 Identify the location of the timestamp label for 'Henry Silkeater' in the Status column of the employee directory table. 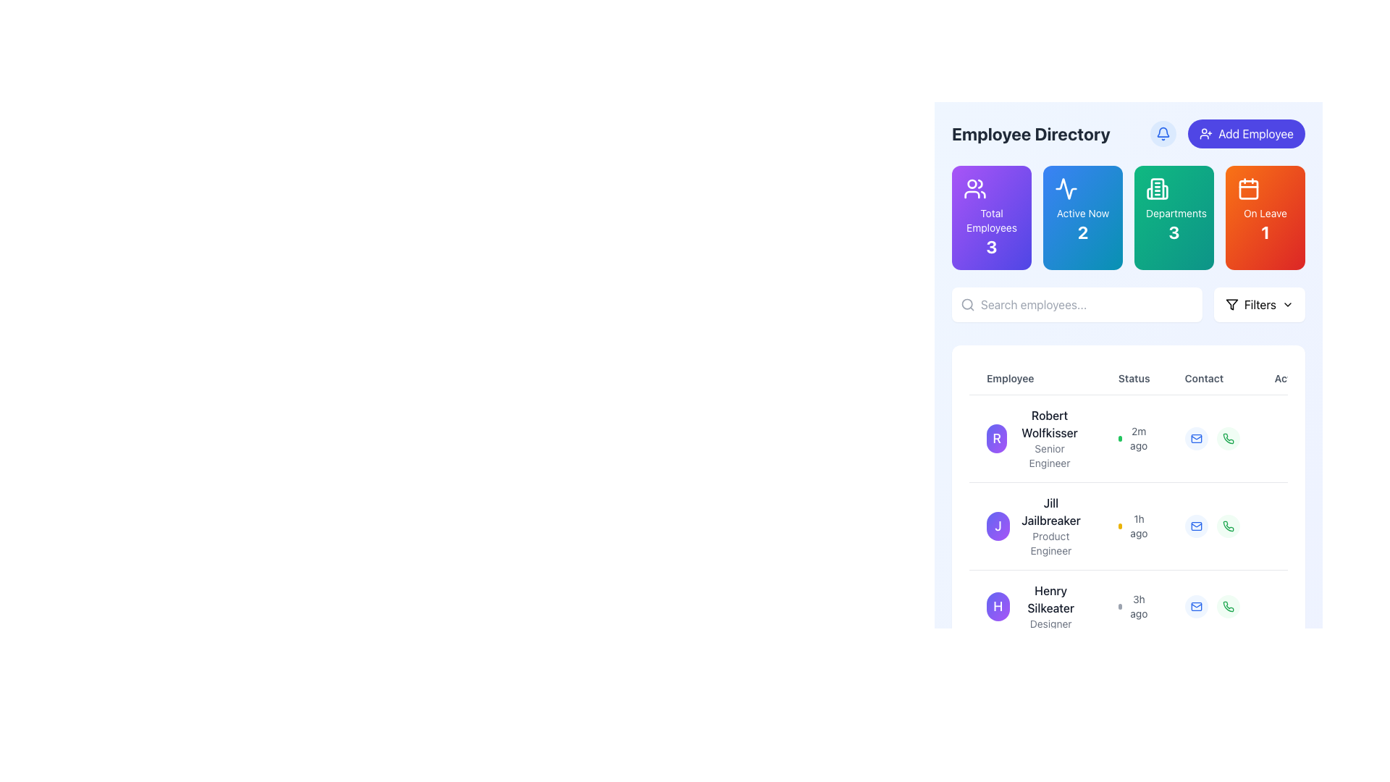
(1132, 606).